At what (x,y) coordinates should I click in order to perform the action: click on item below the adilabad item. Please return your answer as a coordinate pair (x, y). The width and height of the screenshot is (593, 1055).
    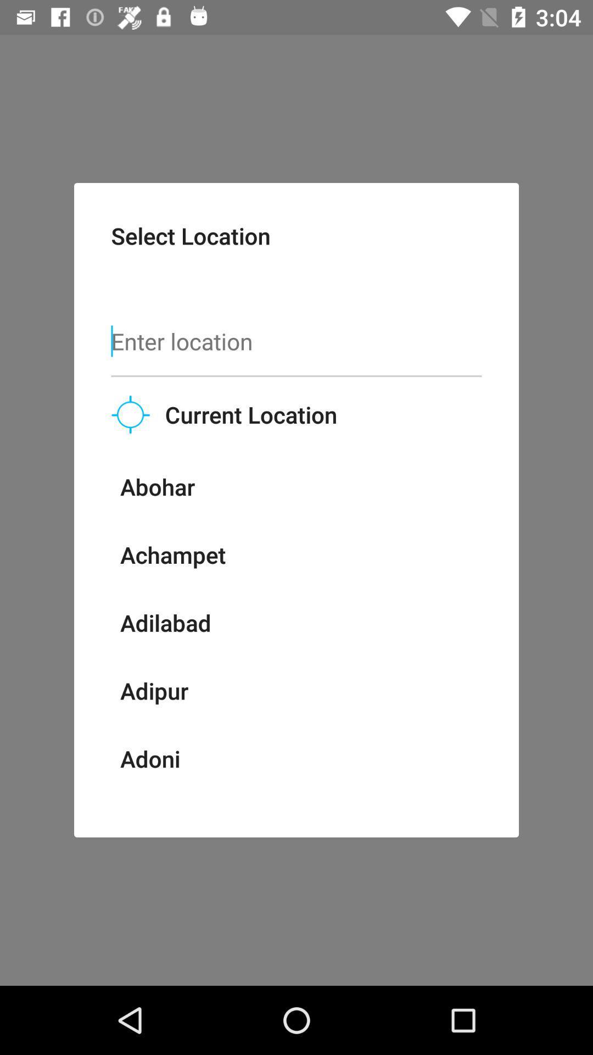
    Looking at the image, I should click on (154, 690).